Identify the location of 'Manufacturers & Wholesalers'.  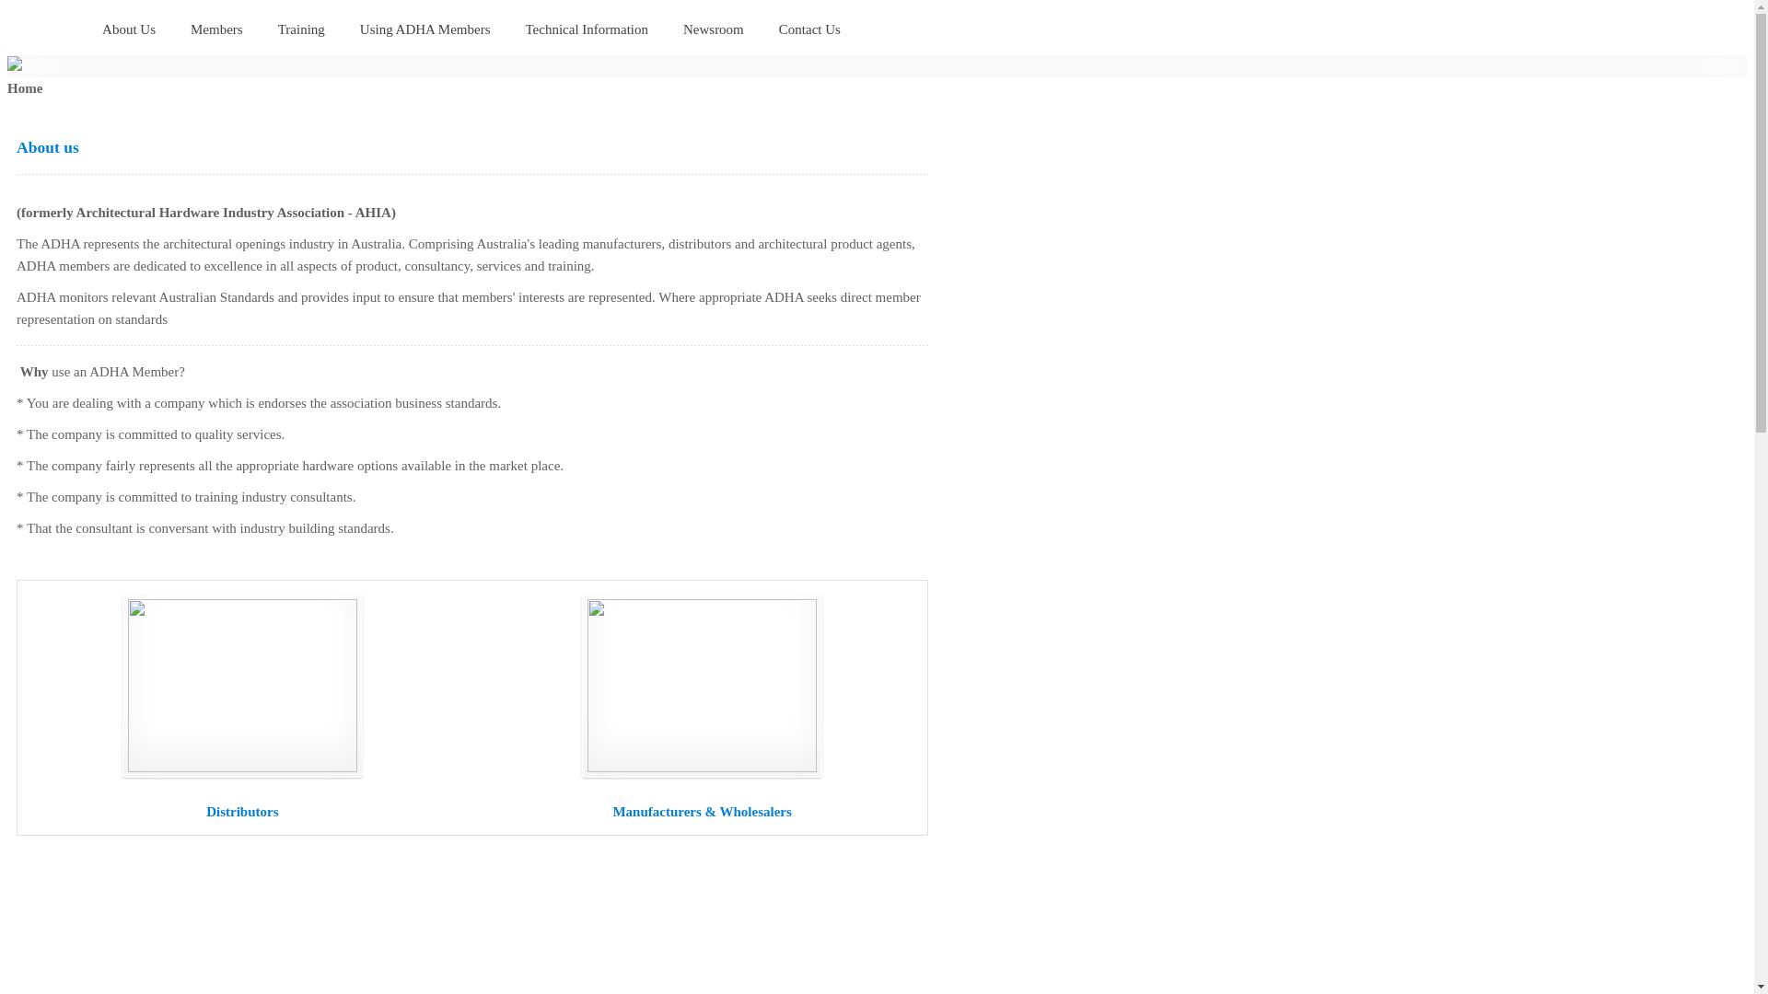
(701, 811).